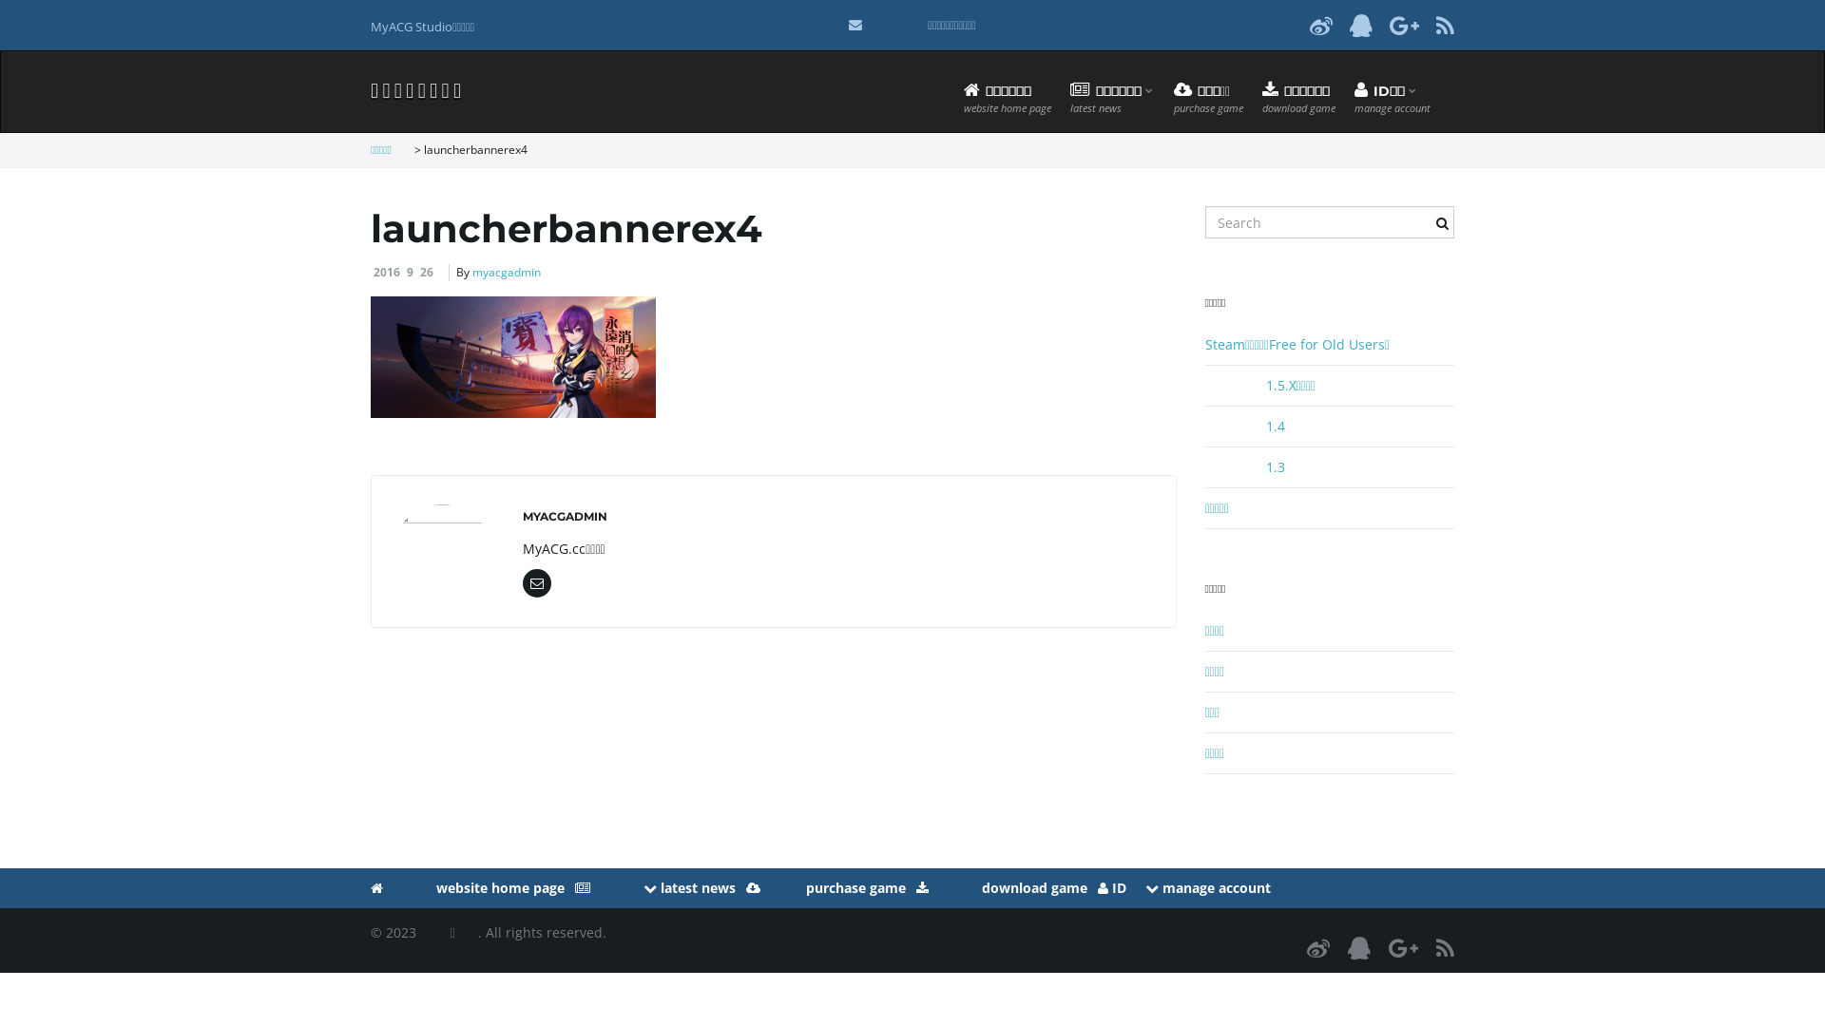 This screenshot has width=1825, height=1026. Describe the element at coordinates (1358, 947) in the screenshot. I see `'QQ Group'` at that location.